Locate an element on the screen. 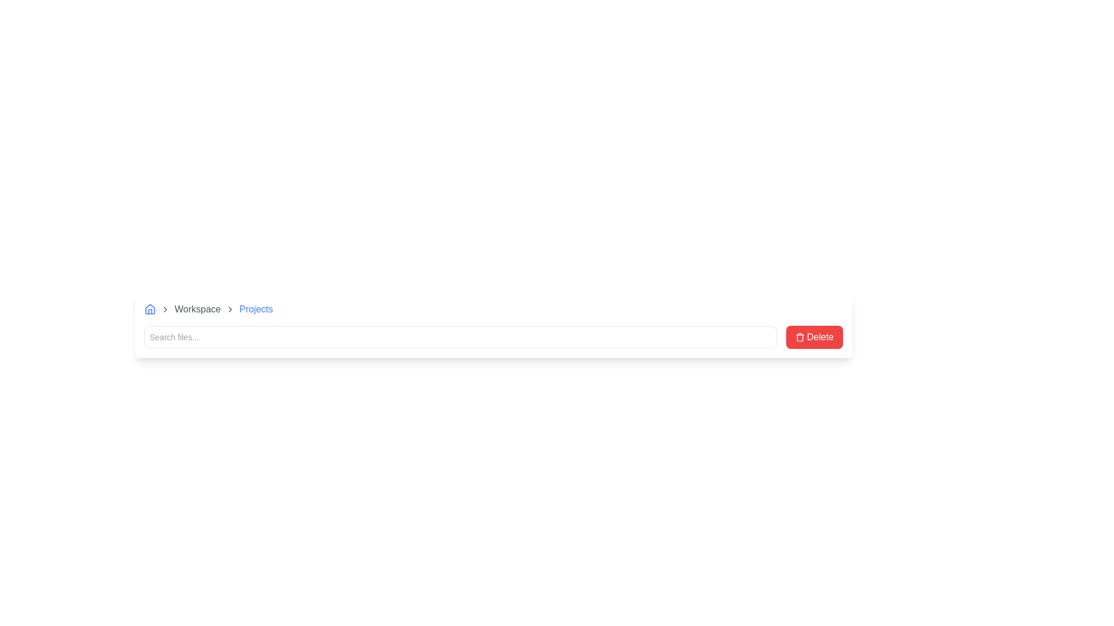 This screenshot has width=1114, height=626. the third chevron icon in the breadcrumb navigation, which is located between the 'Workspace' and 'Projects' texts is located at coordinates (230, 308).